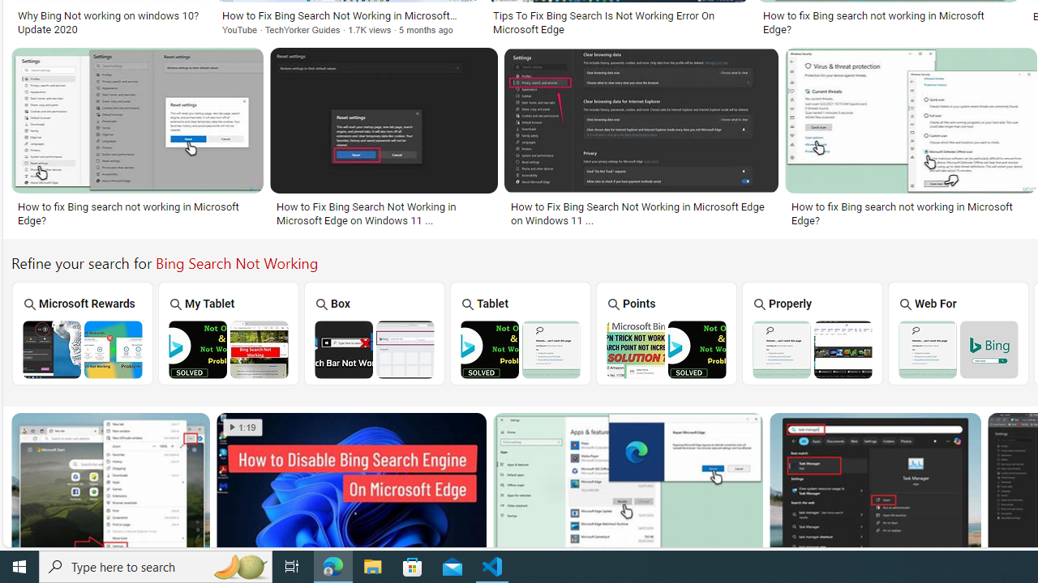  What do you see at coordinates (520, 332) in the screenshot?
I see `'Bing Tablet Search Not Working Tablet'` at bounding box center [520, 332].